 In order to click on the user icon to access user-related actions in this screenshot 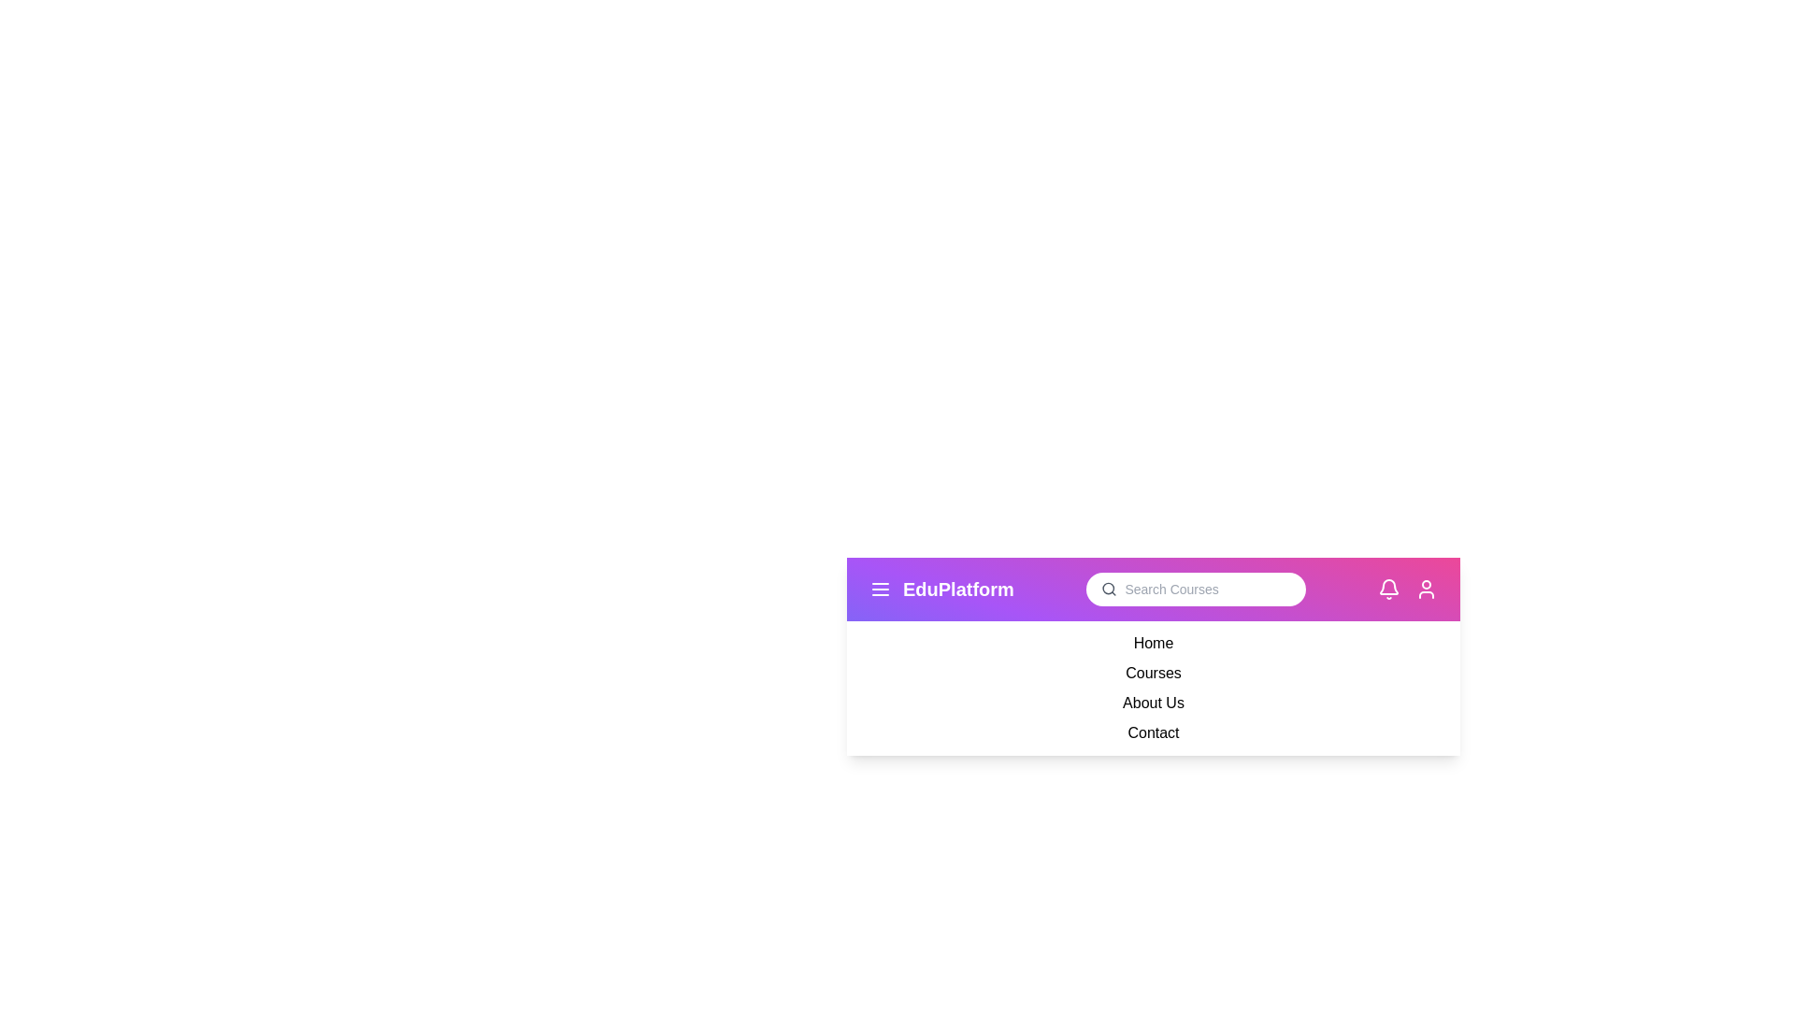, I will do `click(1426, 590)`.